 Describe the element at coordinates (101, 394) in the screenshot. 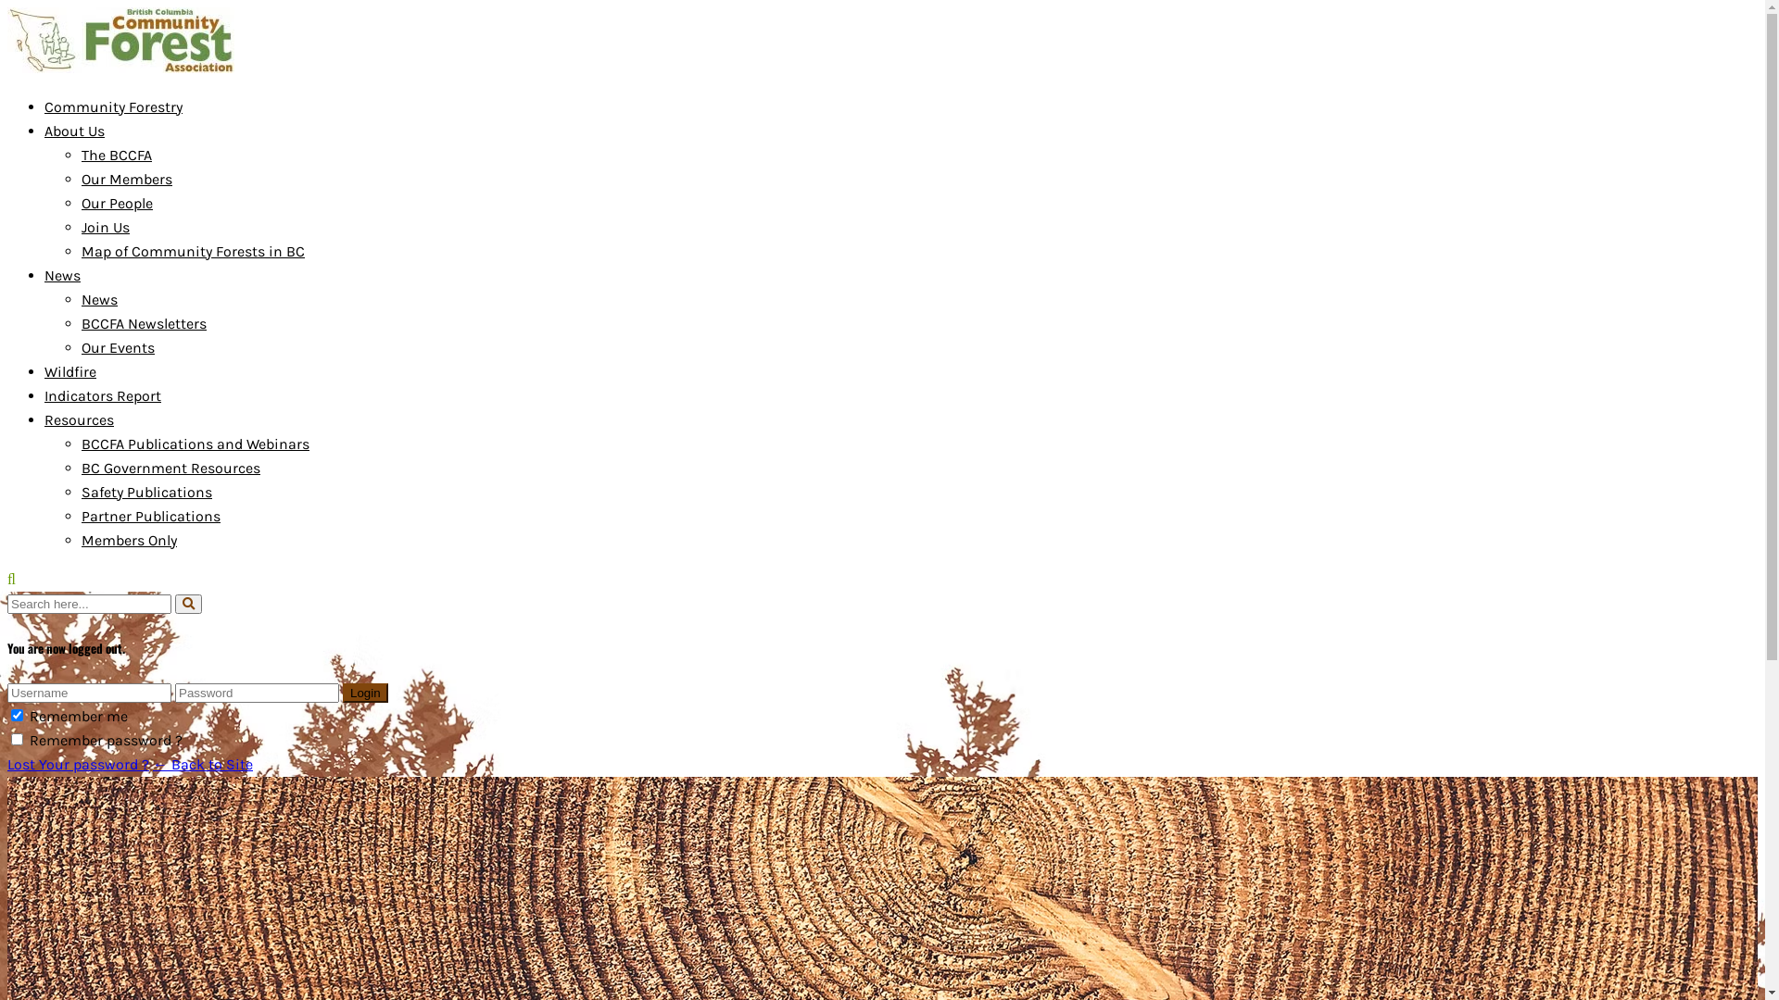

I see `'Indicators Report'` at that location.